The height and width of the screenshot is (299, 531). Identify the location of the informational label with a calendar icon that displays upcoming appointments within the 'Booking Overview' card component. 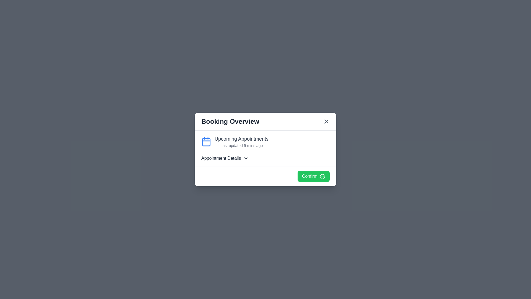
(265, 141).